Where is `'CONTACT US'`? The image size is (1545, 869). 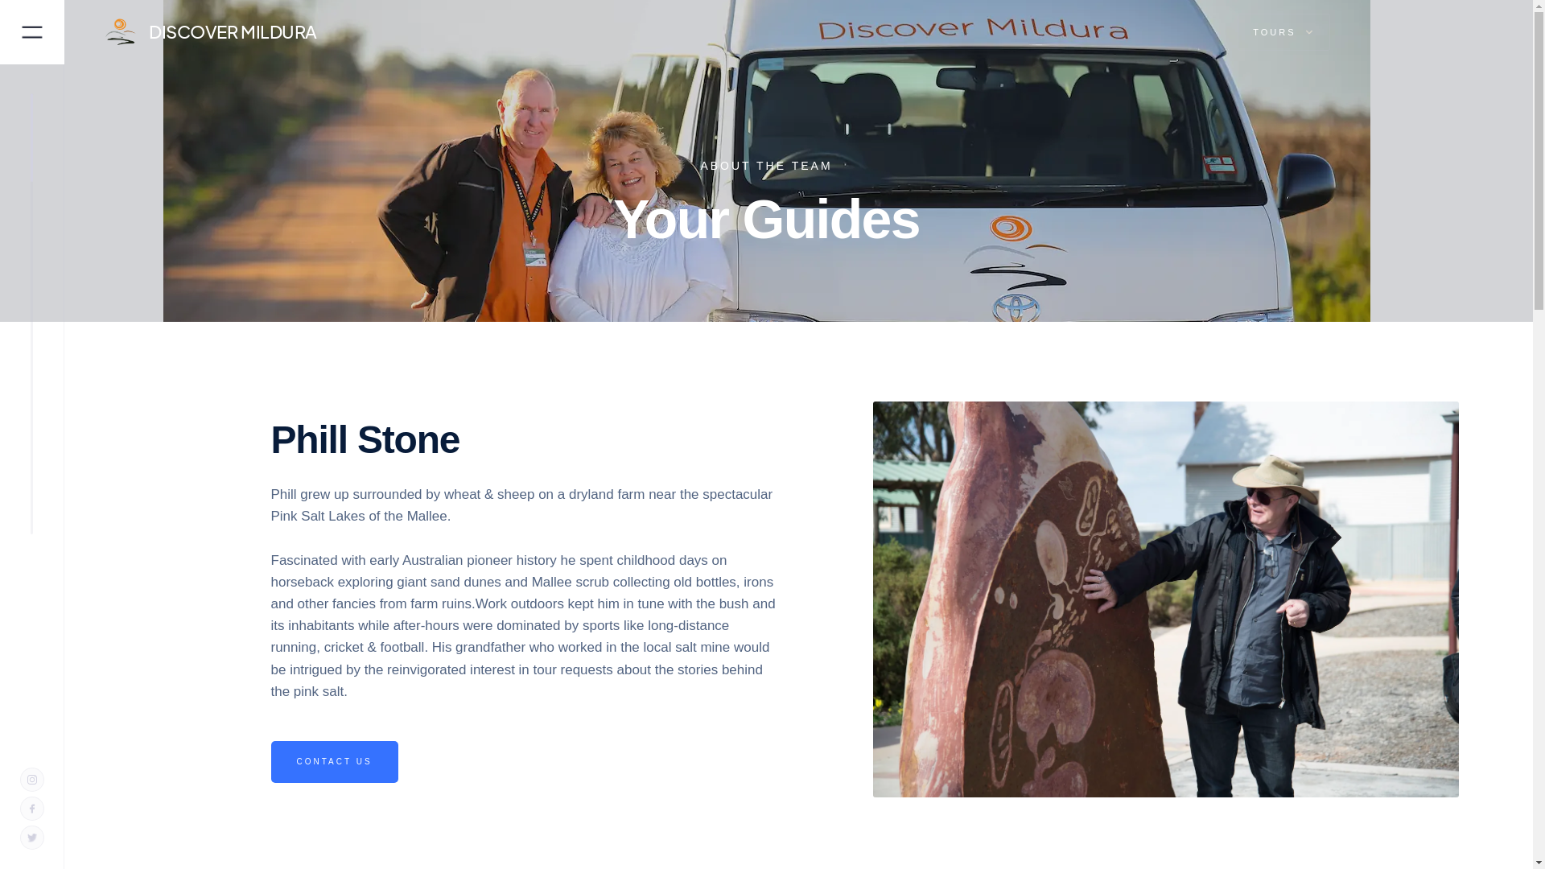 'CONTACT US' is located at coordinates (332, 761).